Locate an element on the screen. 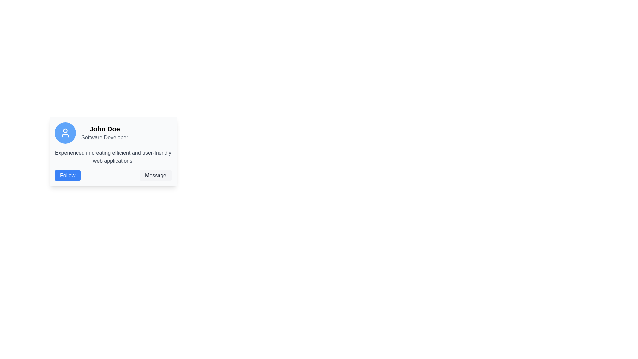 This screenshot has width=638, height=359. the text block displaying 'Experienced in creating efficient and user-friendly web applications.' located centrally on the user profile card, below the name and role, and above the 'Follow' and 'Message' buttons is located at coordinates (113, 157).